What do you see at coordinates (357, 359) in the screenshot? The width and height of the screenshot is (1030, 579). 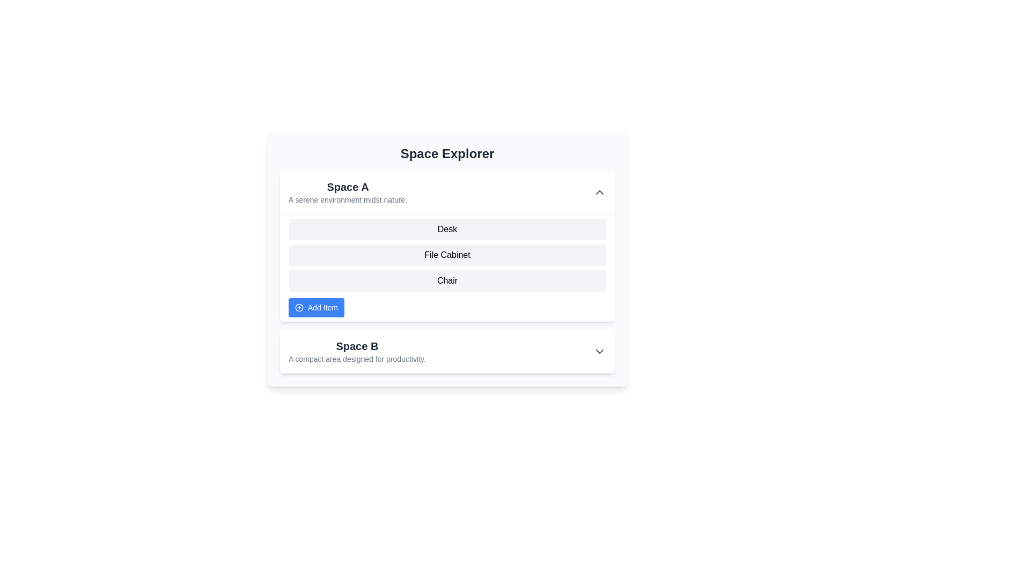 I see `the Text Label that reads 'A compact area designed for productivity.' which is styled in a small gray font and located below the heading 'Space B'` at bounding box center [357, 359].